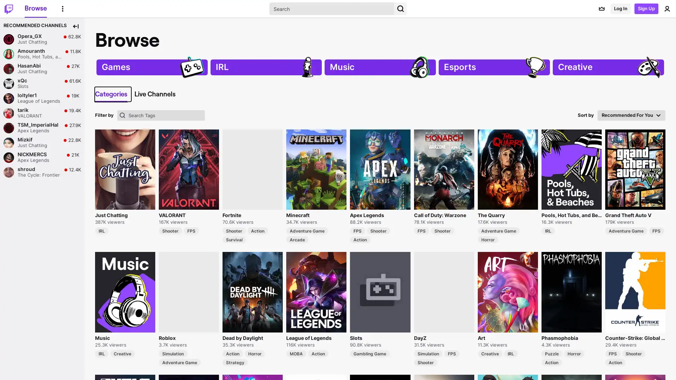 The width and height of the screenshot is (676, 380). I want to click on FPS, so click(451, 354).